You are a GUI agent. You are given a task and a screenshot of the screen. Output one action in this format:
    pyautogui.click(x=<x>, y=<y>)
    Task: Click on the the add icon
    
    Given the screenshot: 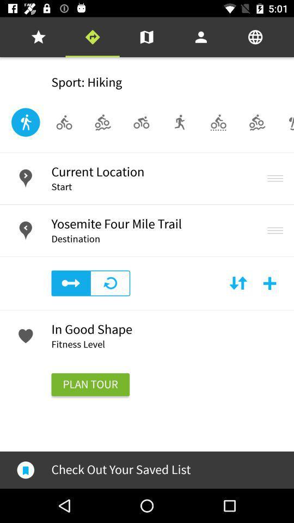 What is the action you would take?
    pyautogui.click(x=269, y=283)
    